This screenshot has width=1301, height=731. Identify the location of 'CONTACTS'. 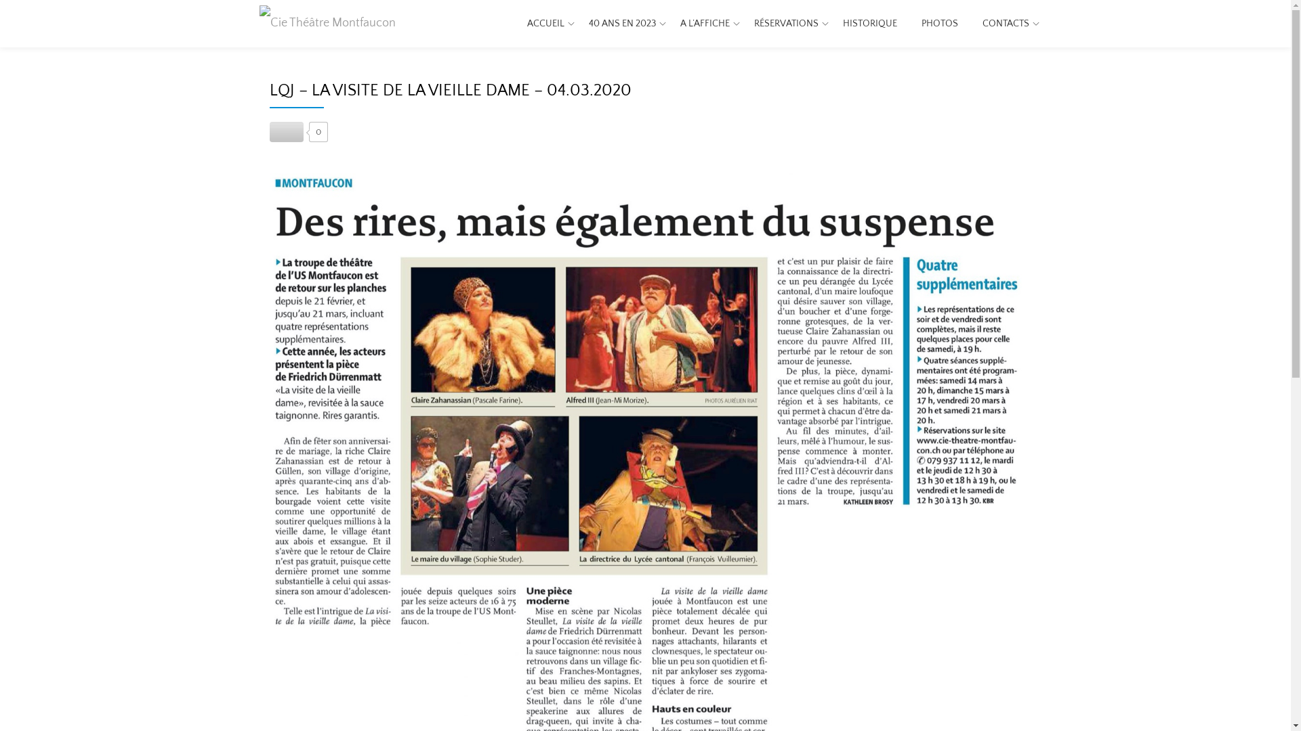
(982, 23).